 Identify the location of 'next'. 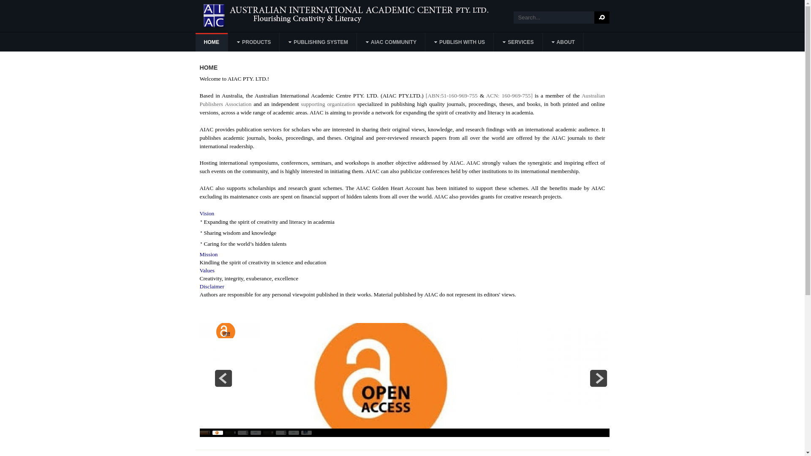
(598, 377).